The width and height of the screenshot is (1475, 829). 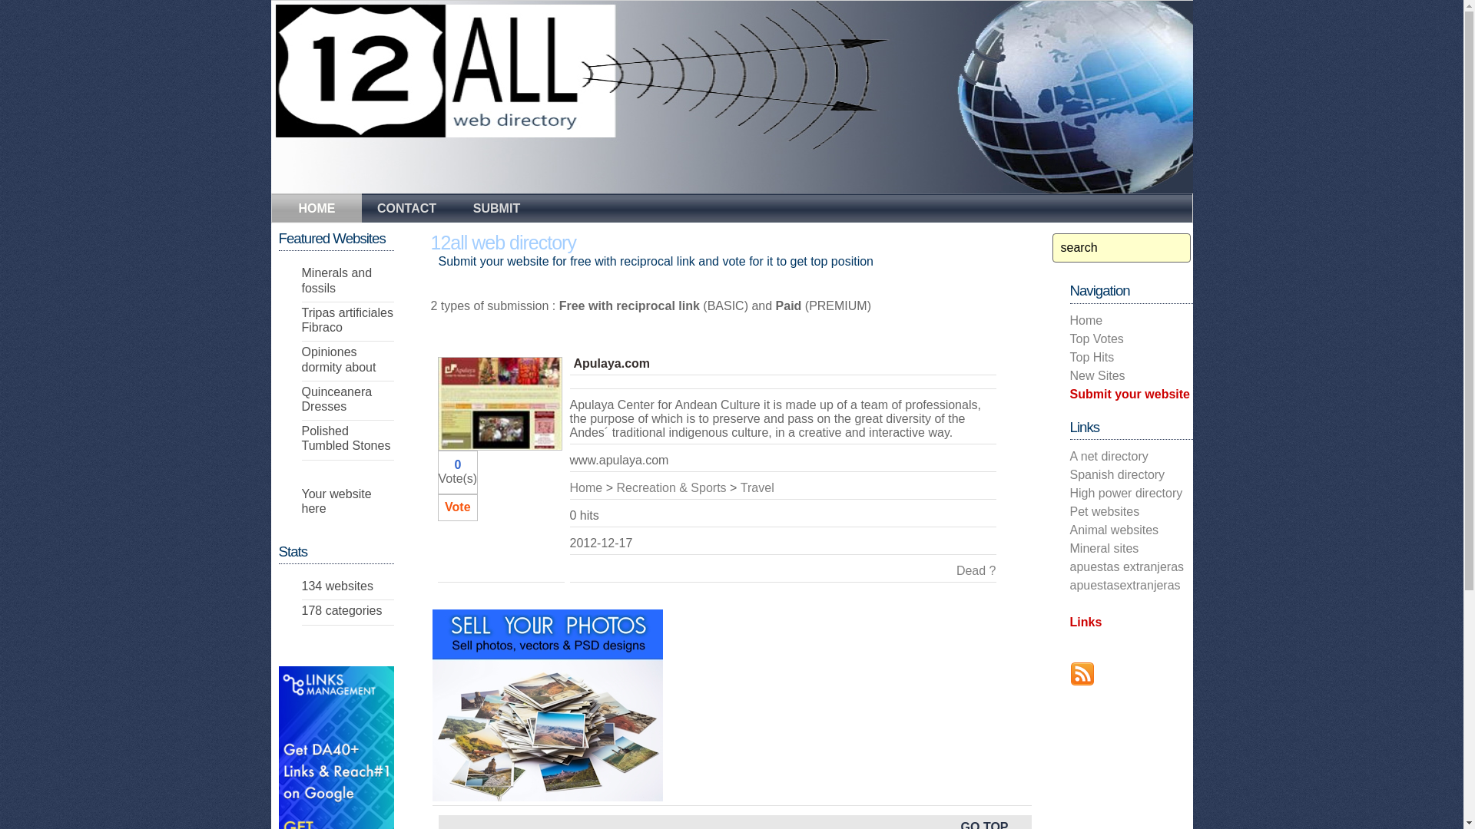 What do you see at coordinates (1085, 319) in the screenshot?
I see `'Home'` at bounding box center [1085, 319].